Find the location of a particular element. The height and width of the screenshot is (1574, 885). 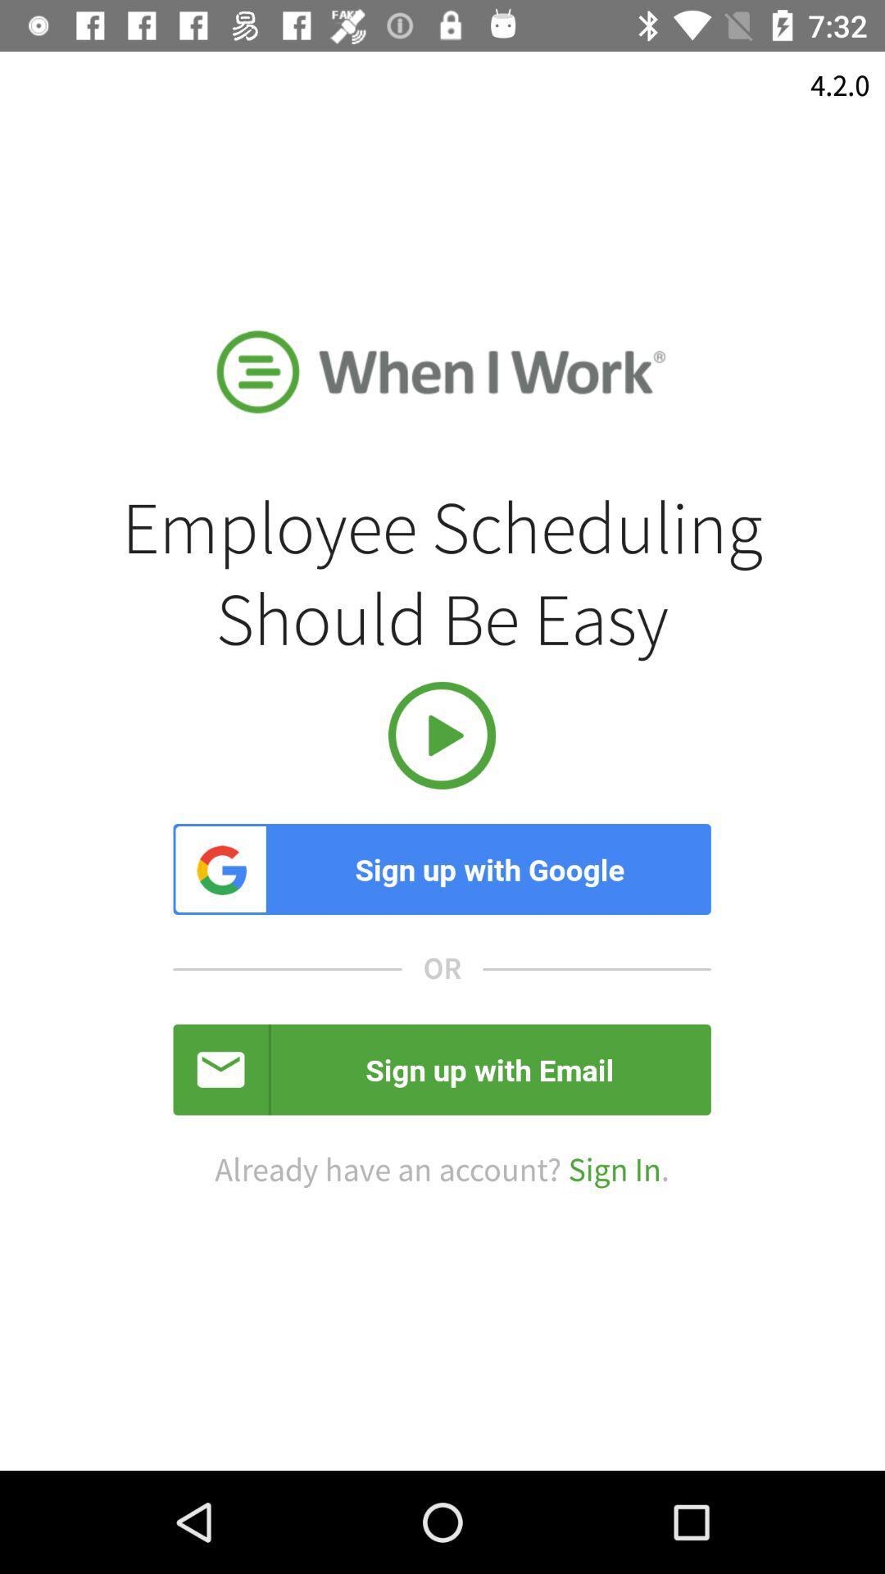

4.2.0 item is located at coordinates (840, 85).